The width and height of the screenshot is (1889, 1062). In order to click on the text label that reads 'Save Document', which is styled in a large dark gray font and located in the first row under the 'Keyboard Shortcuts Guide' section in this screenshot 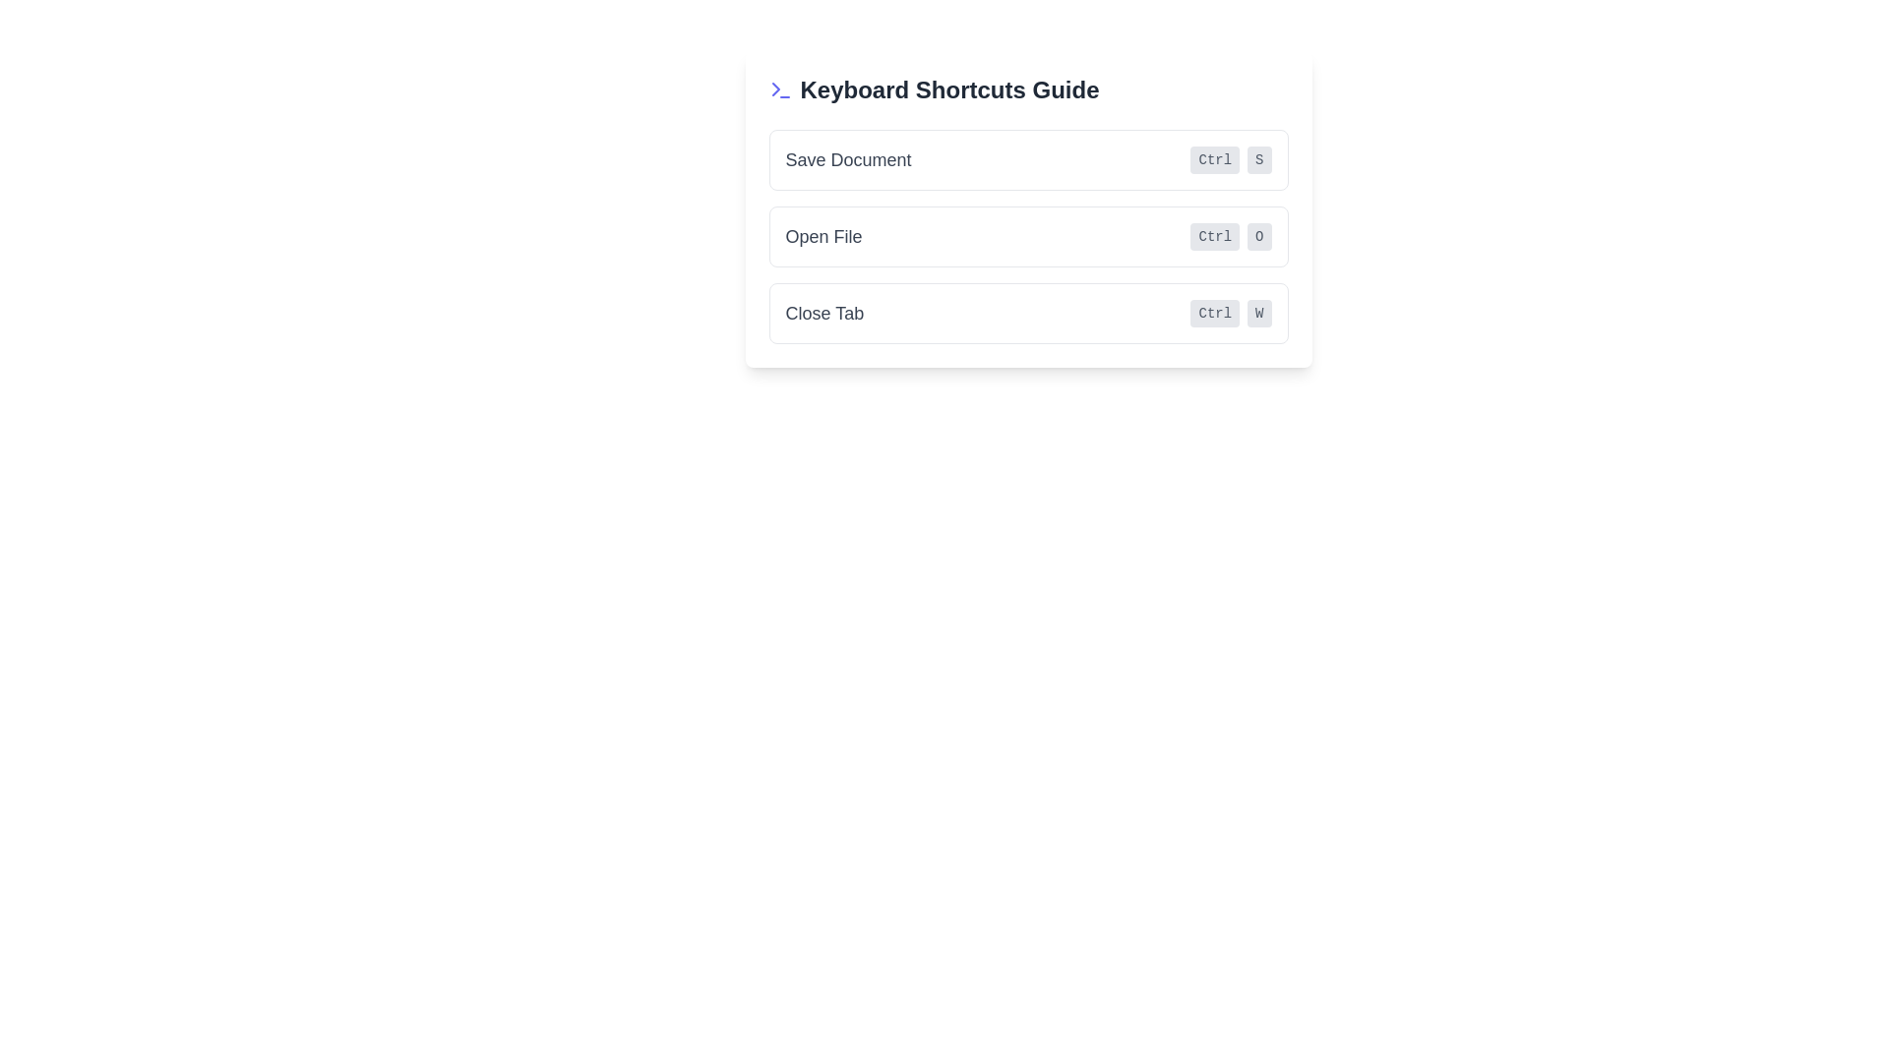, I will do `click(848, 158)`.